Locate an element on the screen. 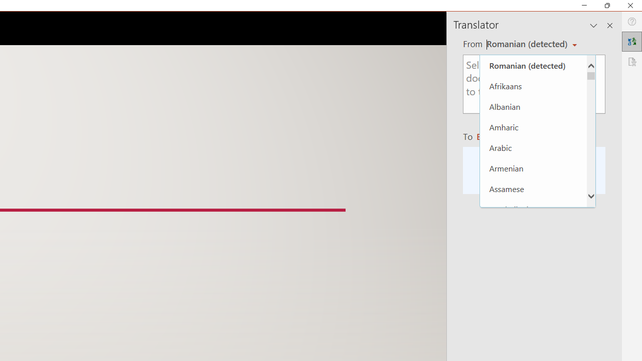  'Albanian' is located at coordinates (533, 106).